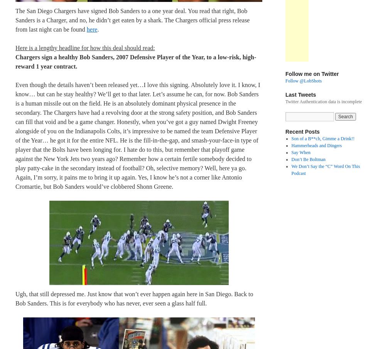  I want to click on 'Son of a B**ch, Gimme a Drink!!', so click(291, 139).